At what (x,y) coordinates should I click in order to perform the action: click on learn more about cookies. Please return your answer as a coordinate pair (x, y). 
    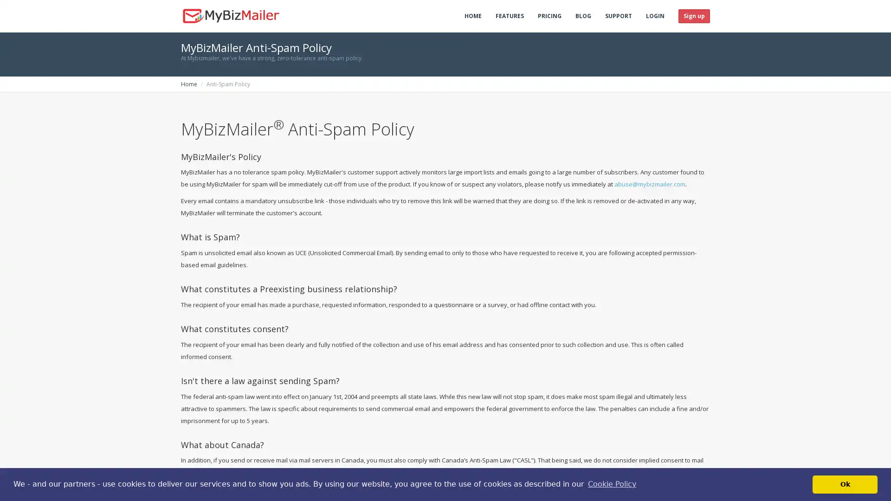
    Looking at the image, I should click on (612, 484).